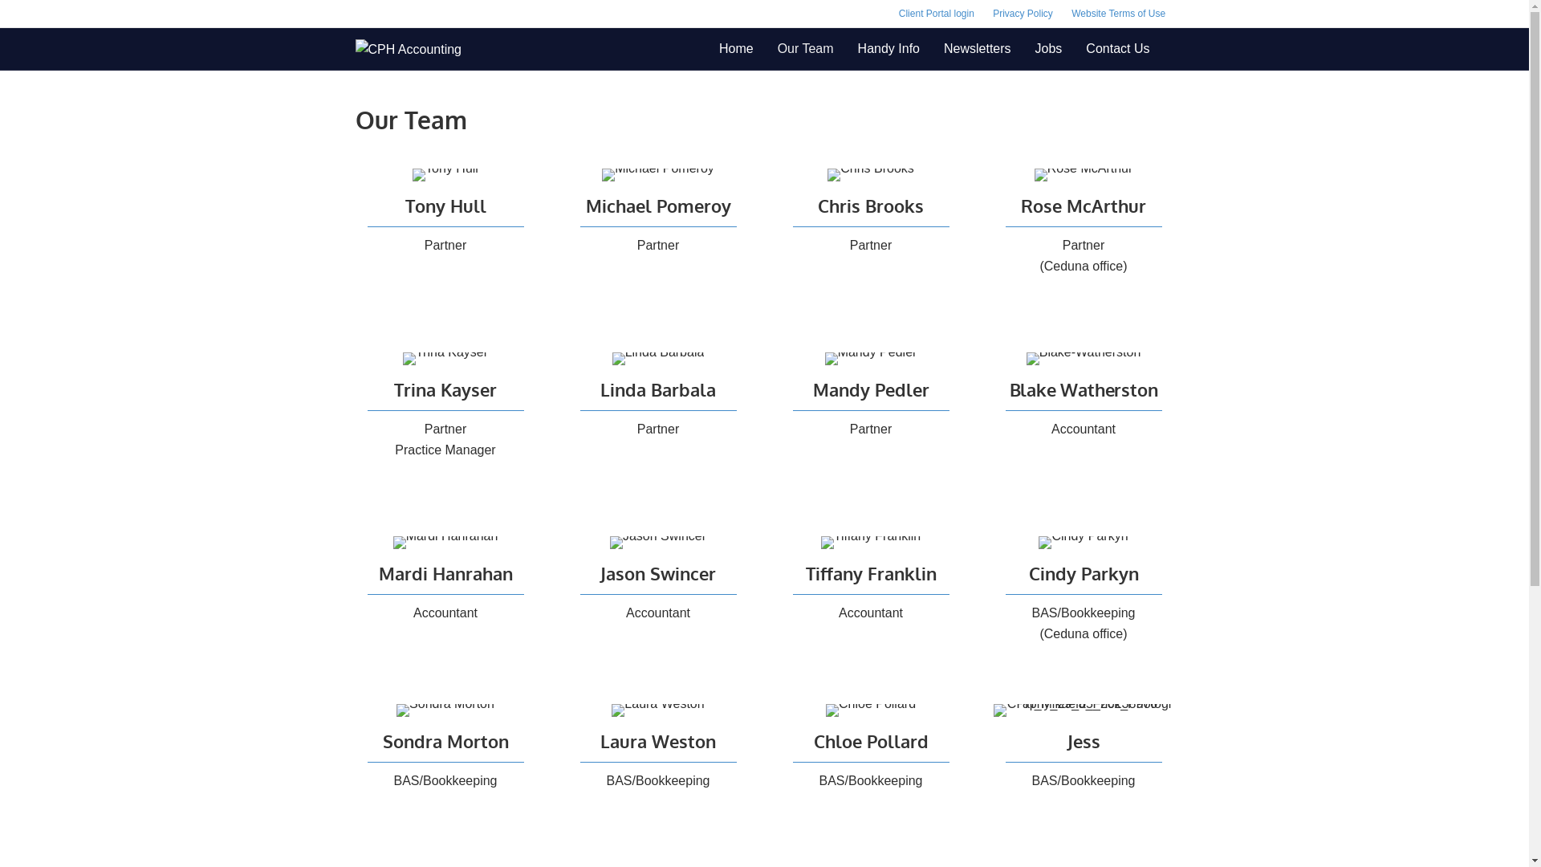 The image size is (1541, 867). I want to click on 'Our Team', so click(805, 48).